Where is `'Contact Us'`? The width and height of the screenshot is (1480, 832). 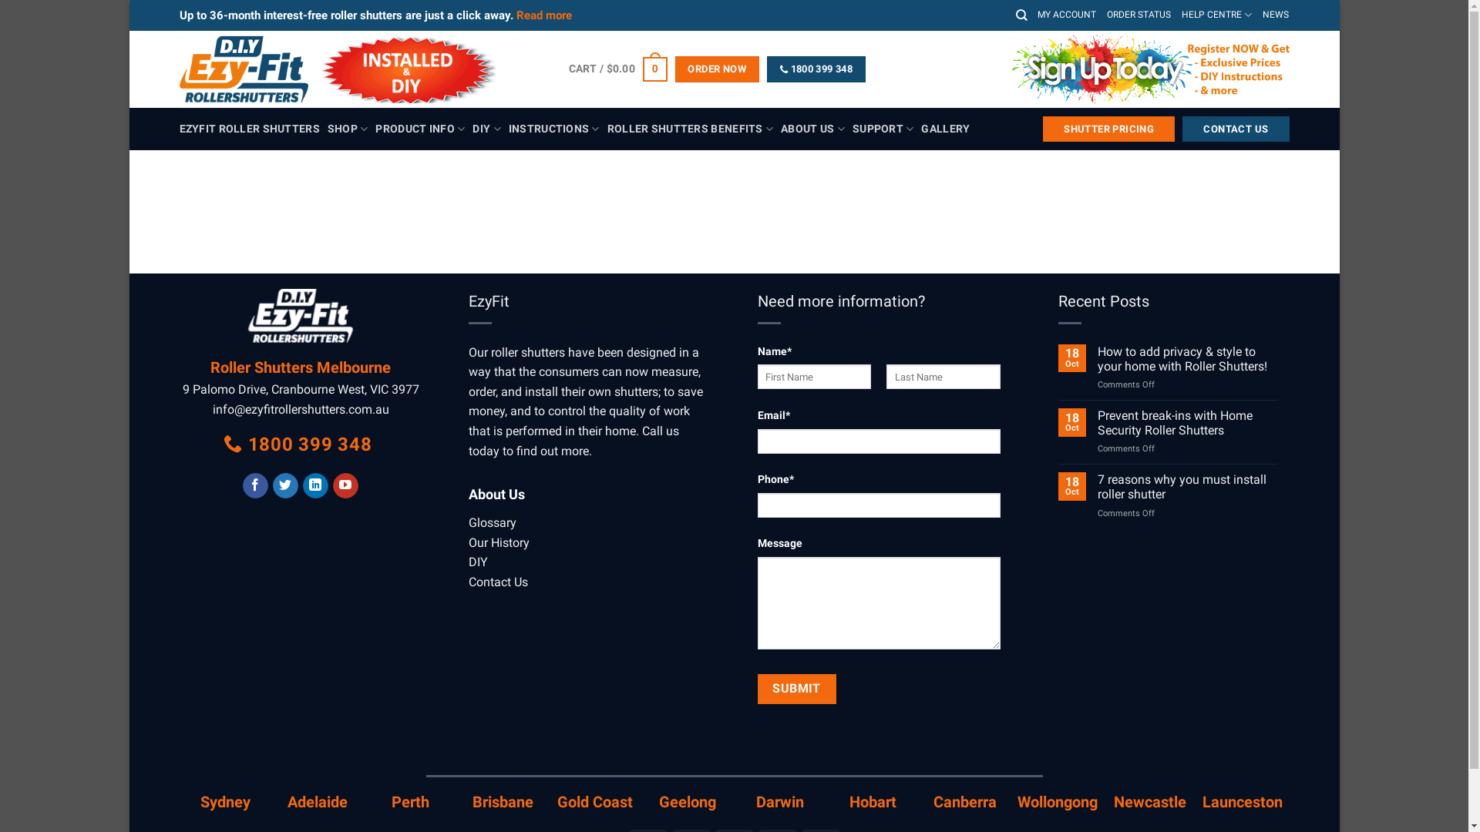
'Contact Us' is located at coordinates (468, 582).